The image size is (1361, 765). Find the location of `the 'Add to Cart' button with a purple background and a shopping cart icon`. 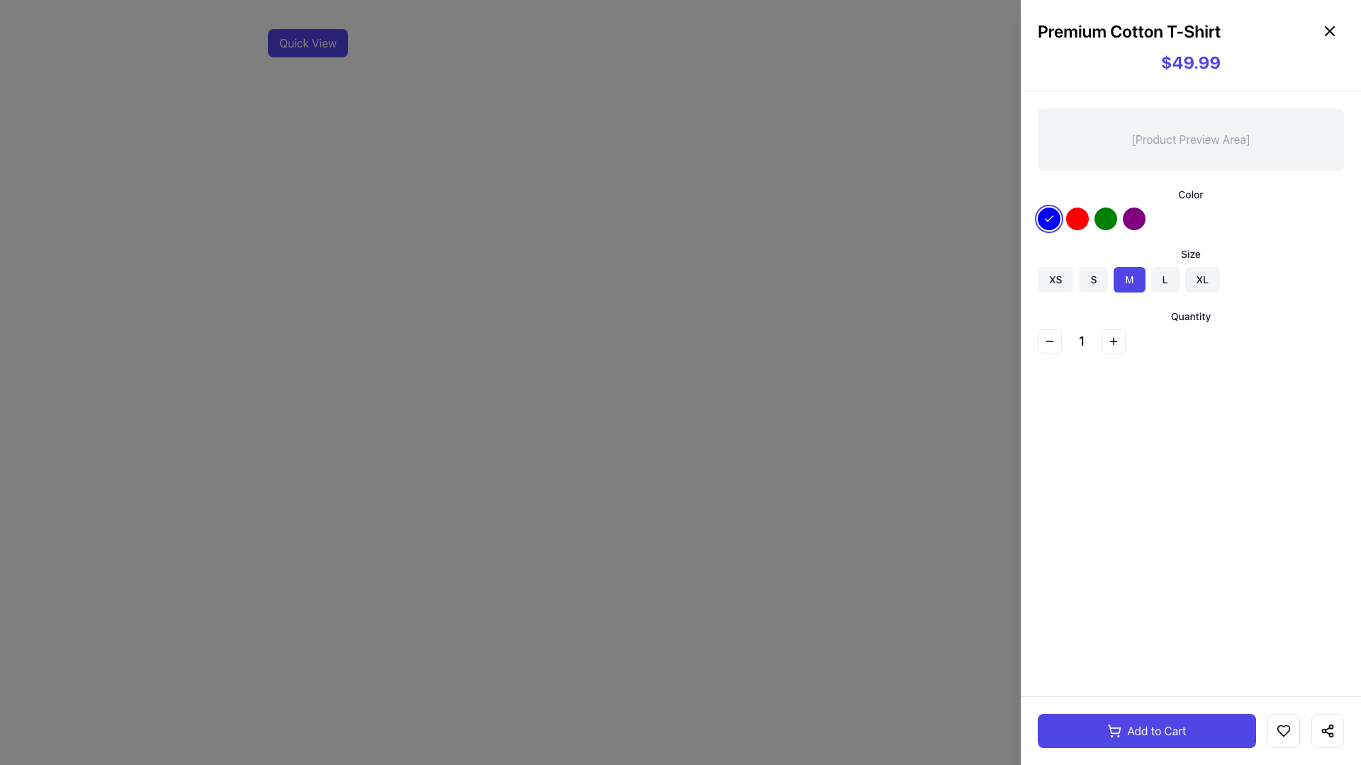

the 'Add to Cart' button with a purple background and a shopping cart icon is located at coordinates (1146, 731).